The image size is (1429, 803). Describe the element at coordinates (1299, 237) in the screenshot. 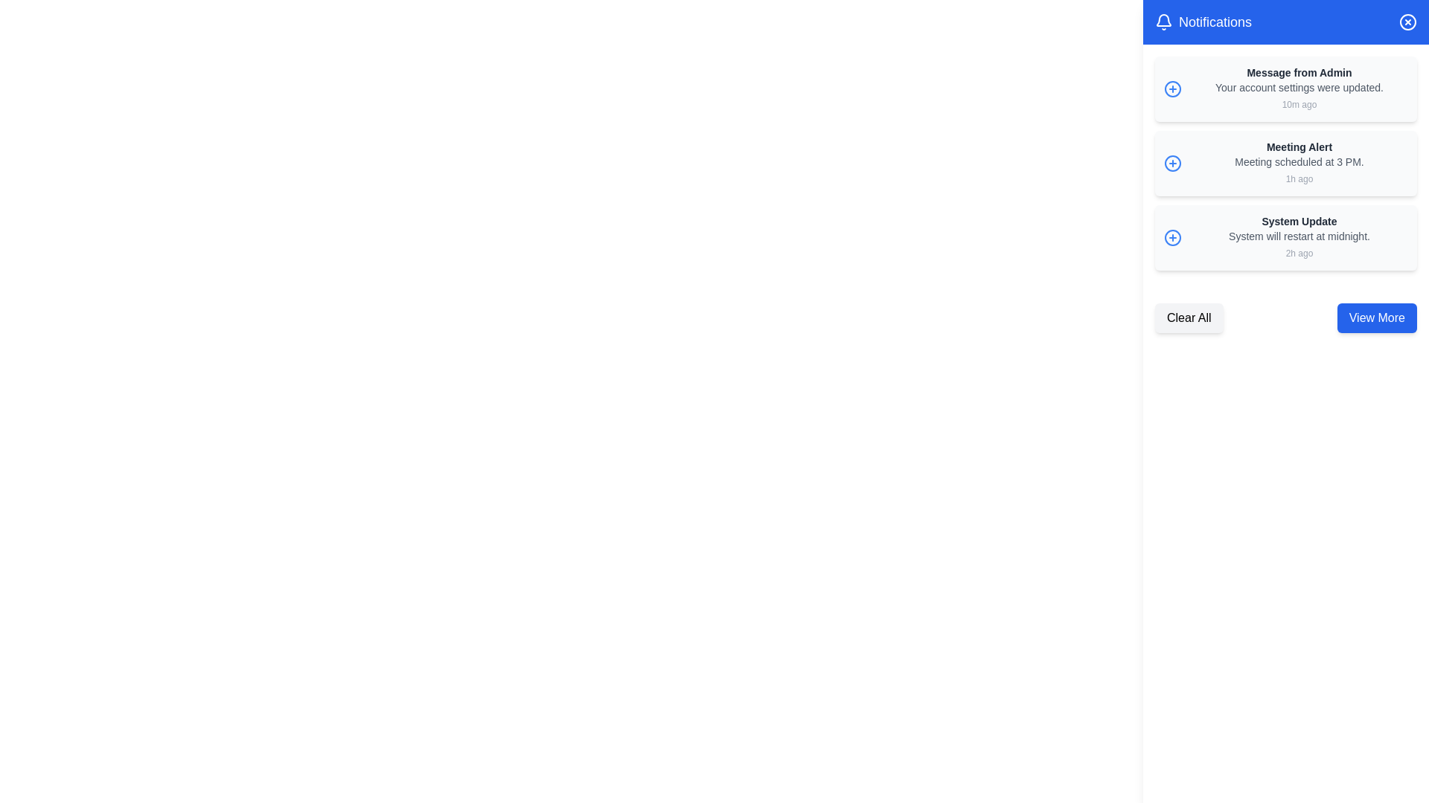

I see `the third notification entry in the sidebar that provides details about a system update and its scheduled restart time` at that location.